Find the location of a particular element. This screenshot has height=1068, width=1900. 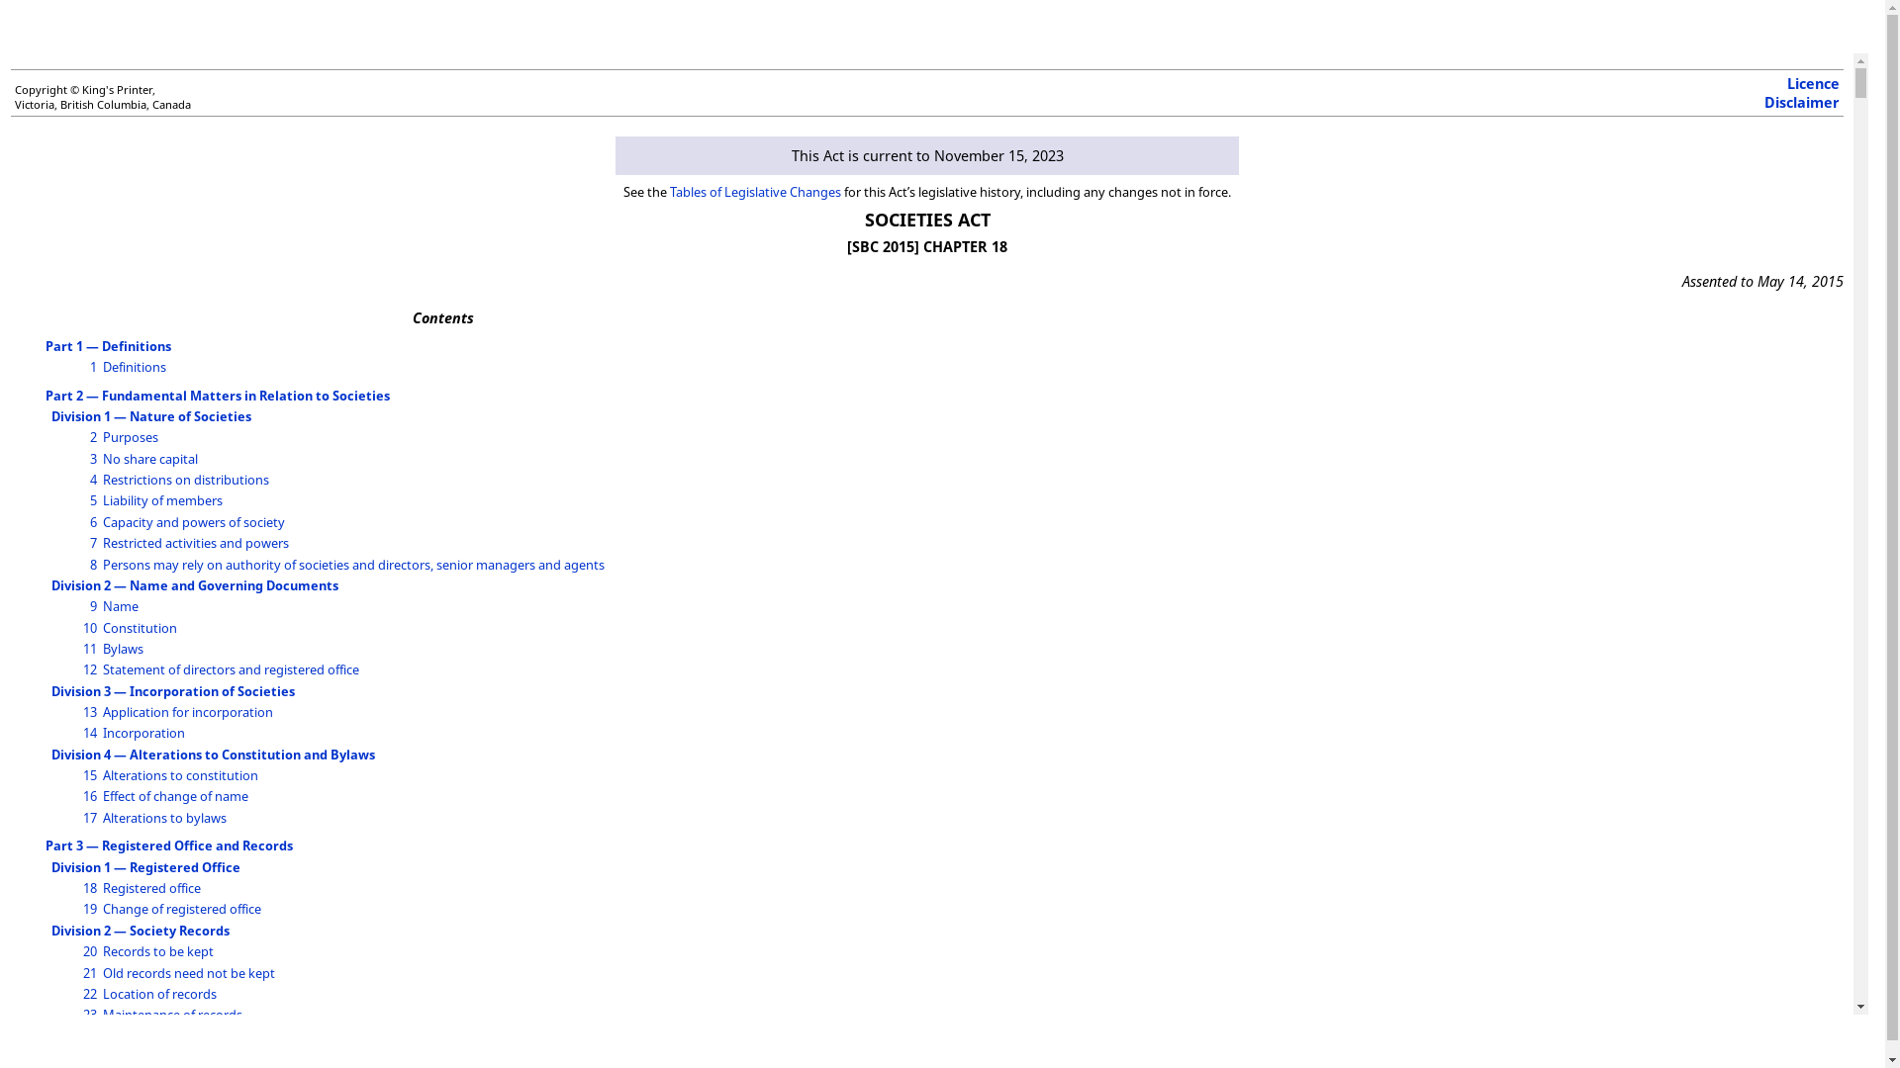

'Name' is located at coordinates (119, 605).